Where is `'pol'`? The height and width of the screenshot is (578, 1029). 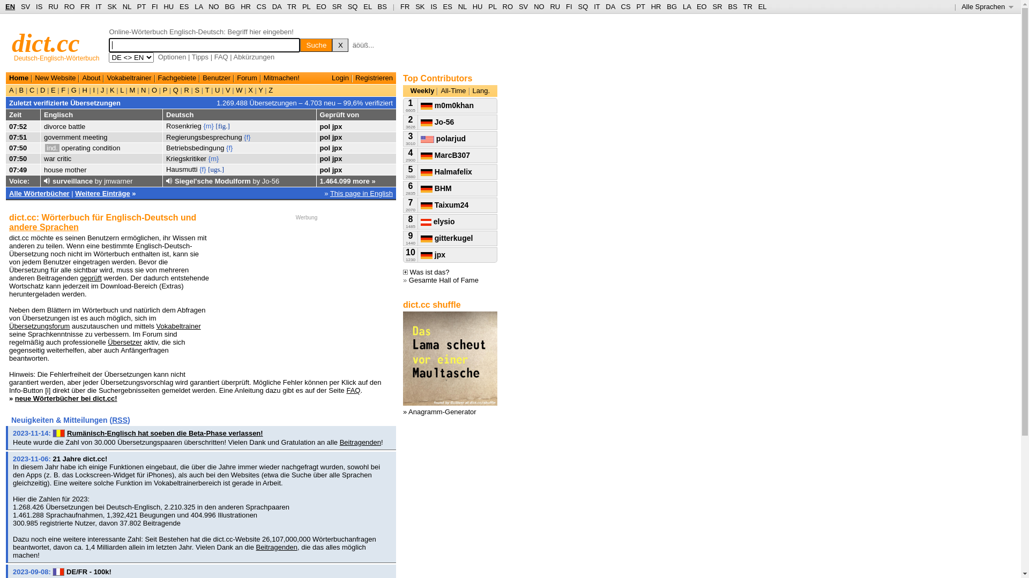
'pol' is located at coordinates (324, 125).